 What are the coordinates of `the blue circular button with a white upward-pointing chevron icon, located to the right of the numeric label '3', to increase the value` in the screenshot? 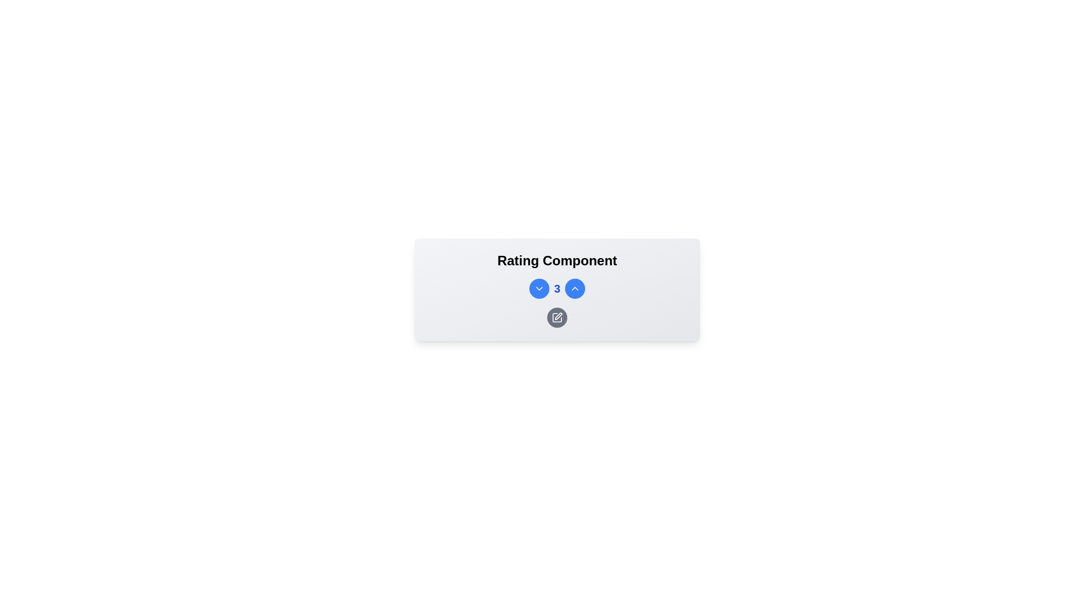 It's located at (575, 288).